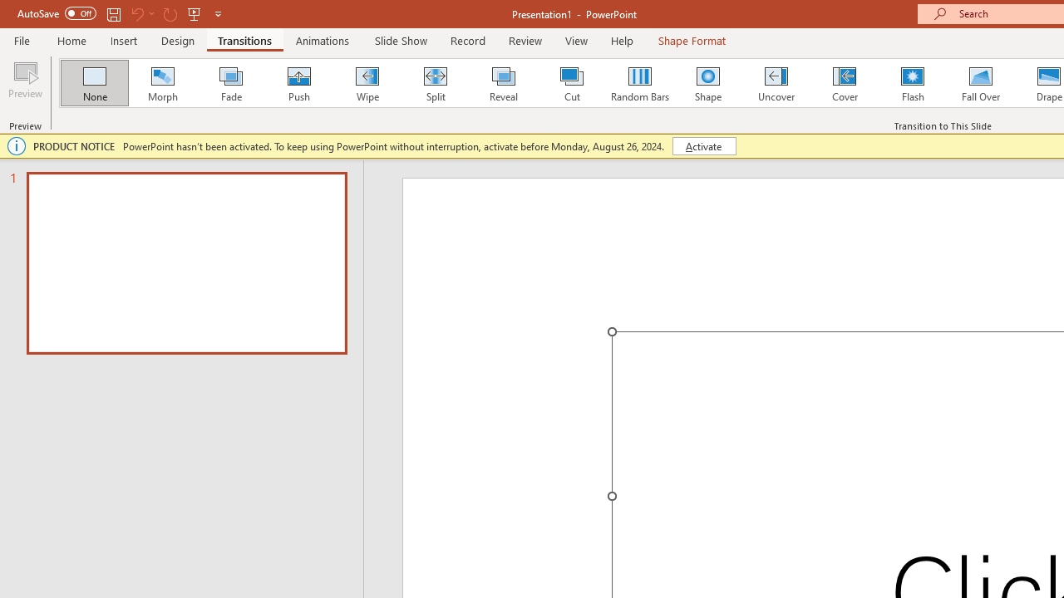 Image resolution: width=1064 pixels, height=598 pixels. I want to click on 'None', so click(93, 83).